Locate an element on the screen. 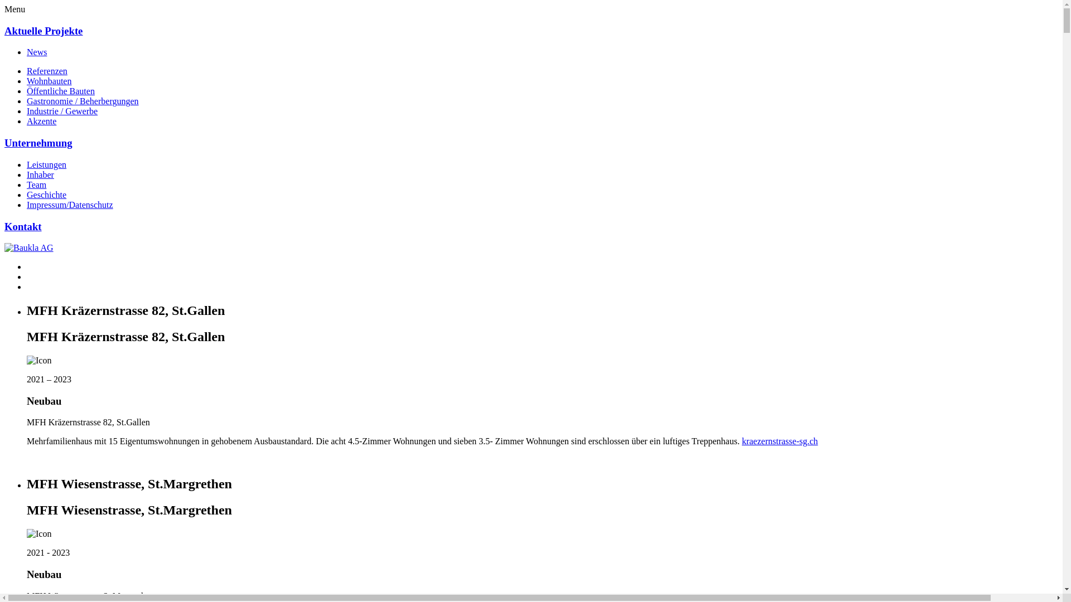 This screenshot has width=1071, height=602. 'Team' is located at coordinates (36, 184).